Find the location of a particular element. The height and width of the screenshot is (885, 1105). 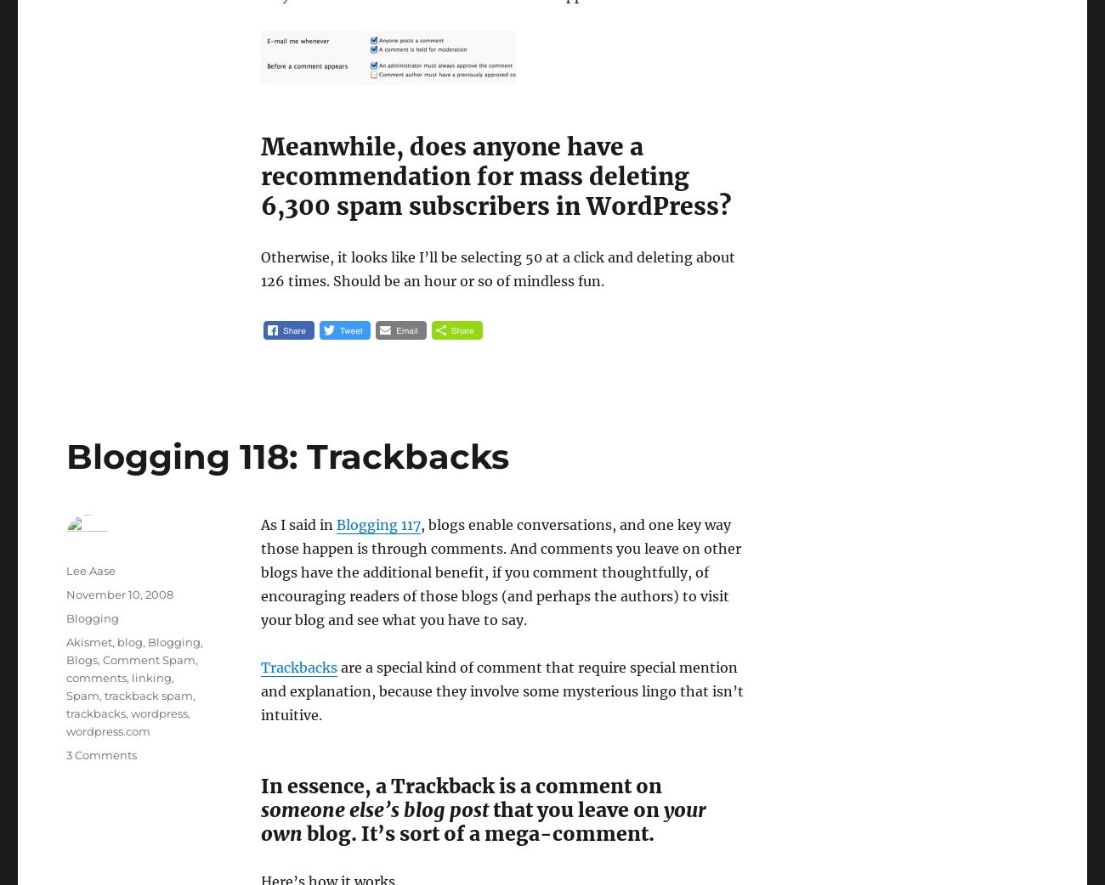

'someone else’s blog post' is located at coordinates (260, 809).